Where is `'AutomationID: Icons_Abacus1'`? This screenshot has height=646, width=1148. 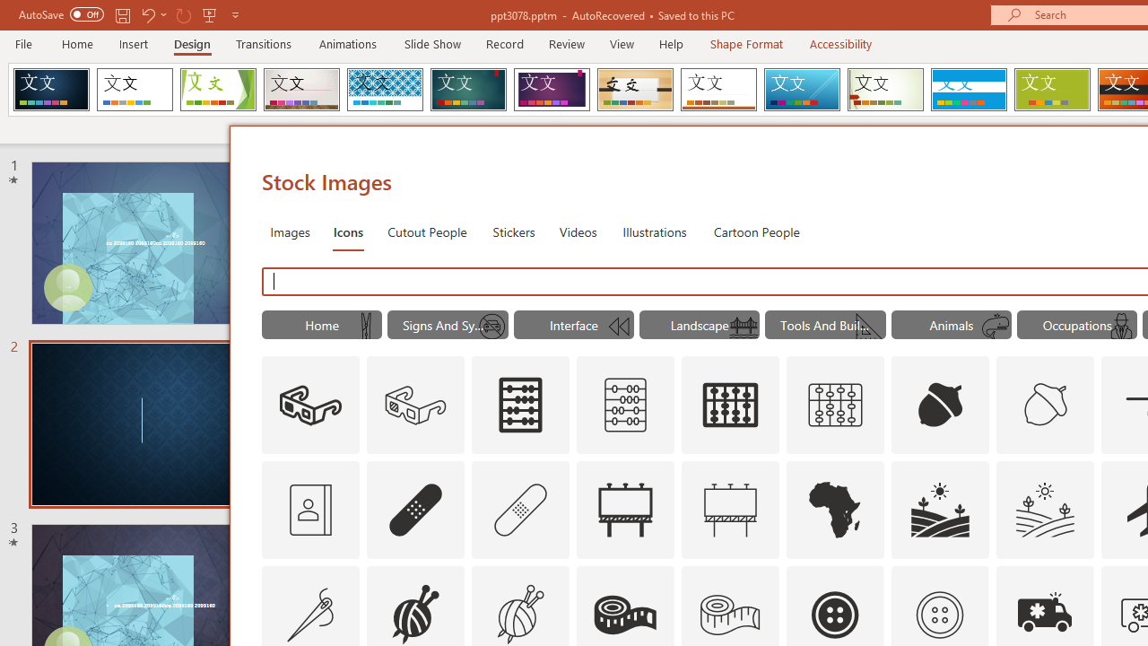
'AutomationID: Icons_Abacus1' is located at coordinates (731, 406).